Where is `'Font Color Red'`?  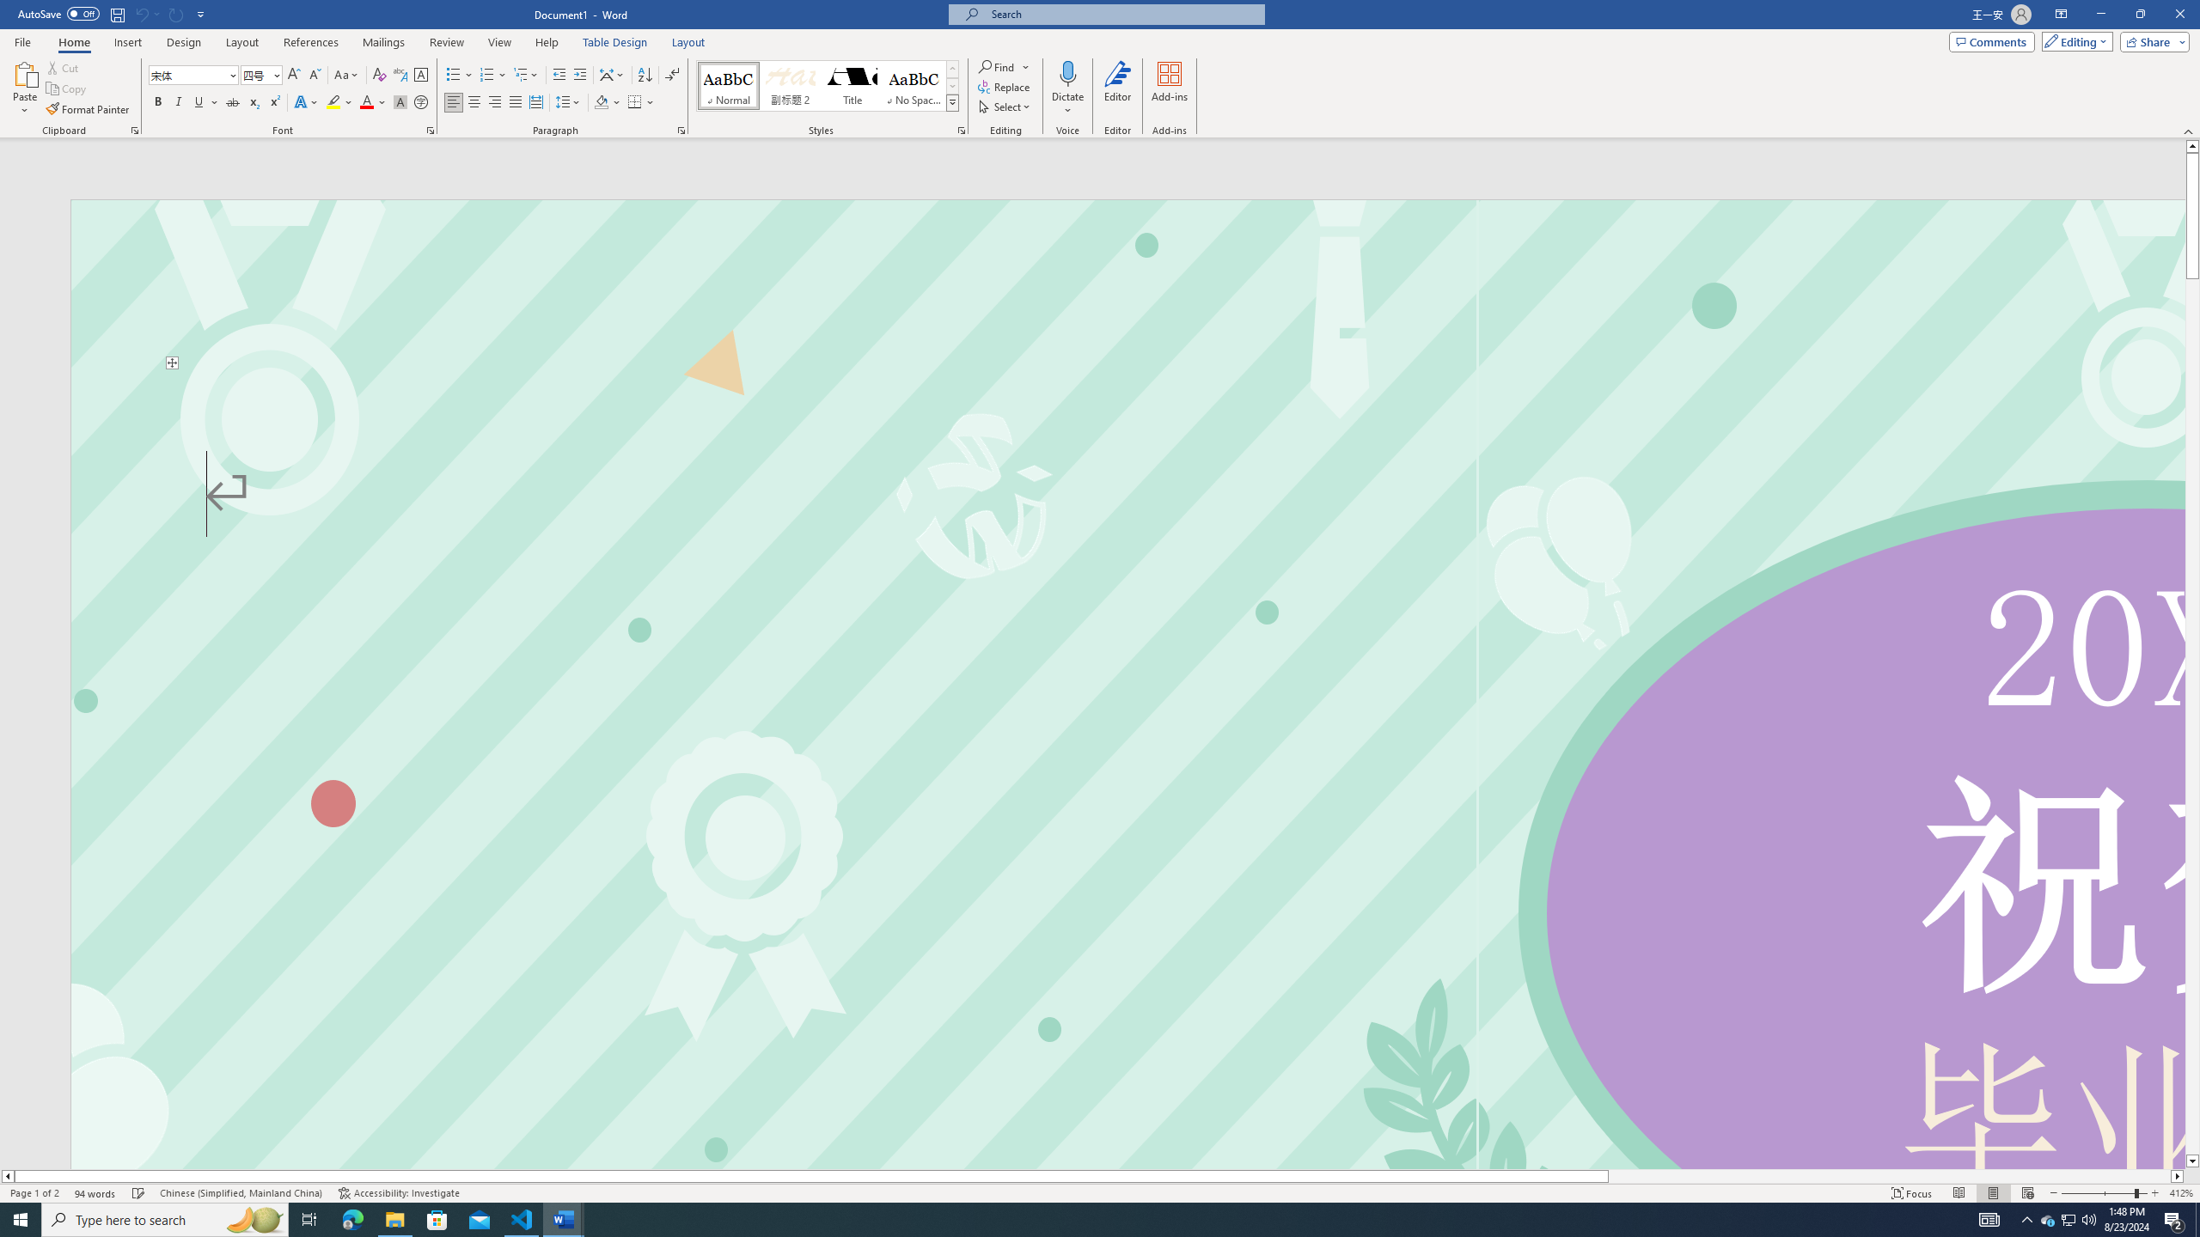 'Font Color Red' is located at coordinates (365, 101).